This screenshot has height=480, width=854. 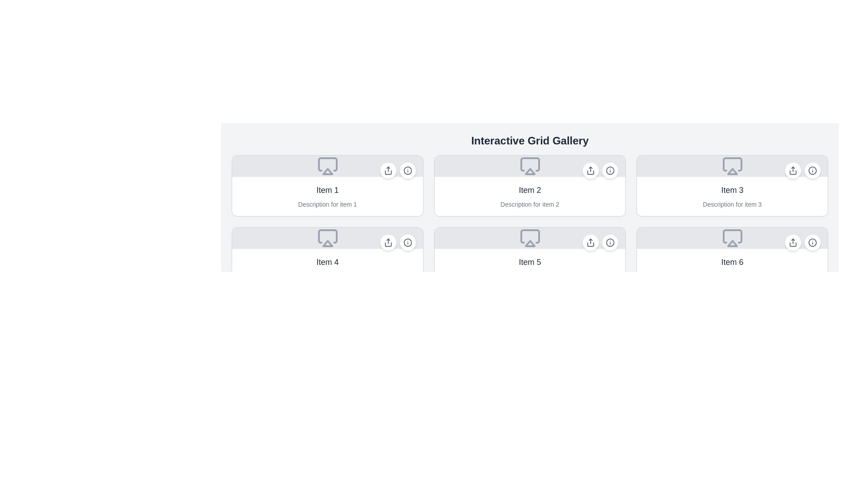 What do you see at coordinates (793, 171) in the screenshot?
I see `the share/upload icon button located in the top-right corner of the card labeled 'Item 3'` at bounding box center [793, 171].